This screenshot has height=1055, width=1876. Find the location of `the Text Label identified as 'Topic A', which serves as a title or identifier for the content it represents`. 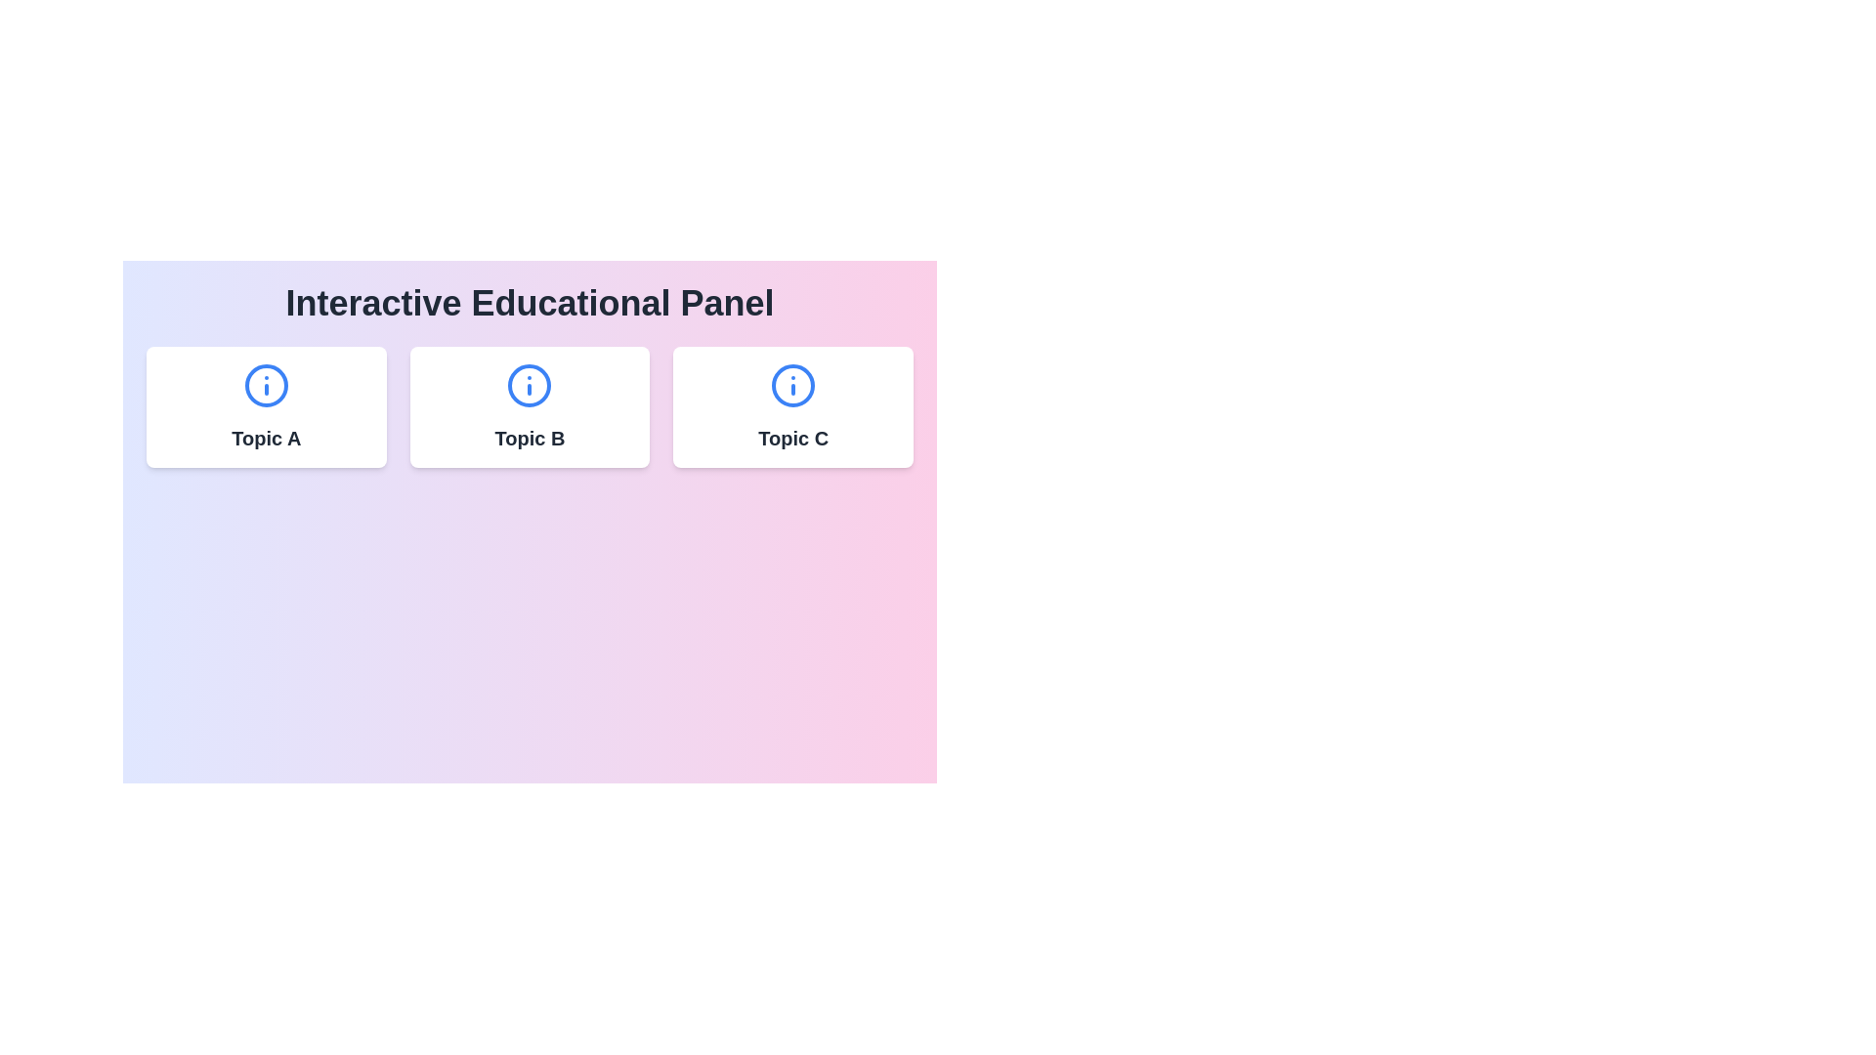

the Text Label identified as 'Topic A', which serves as a title or identifier for the content it represents is located at coordinates (265, 437).